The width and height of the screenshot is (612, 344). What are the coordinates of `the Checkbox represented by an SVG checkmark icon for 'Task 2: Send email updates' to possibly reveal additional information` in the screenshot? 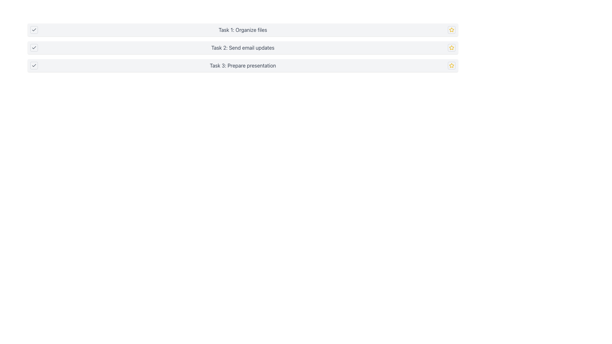 It's located at (33, 47).